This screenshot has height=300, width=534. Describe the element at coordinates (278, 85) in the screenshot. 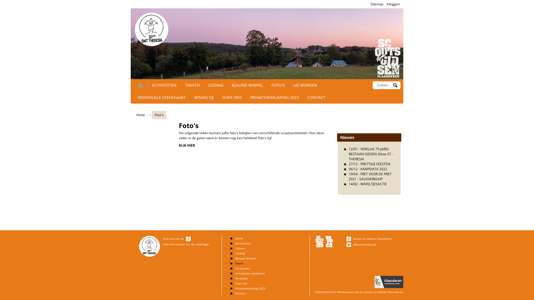

I see `'FOTO'S'` at that location.